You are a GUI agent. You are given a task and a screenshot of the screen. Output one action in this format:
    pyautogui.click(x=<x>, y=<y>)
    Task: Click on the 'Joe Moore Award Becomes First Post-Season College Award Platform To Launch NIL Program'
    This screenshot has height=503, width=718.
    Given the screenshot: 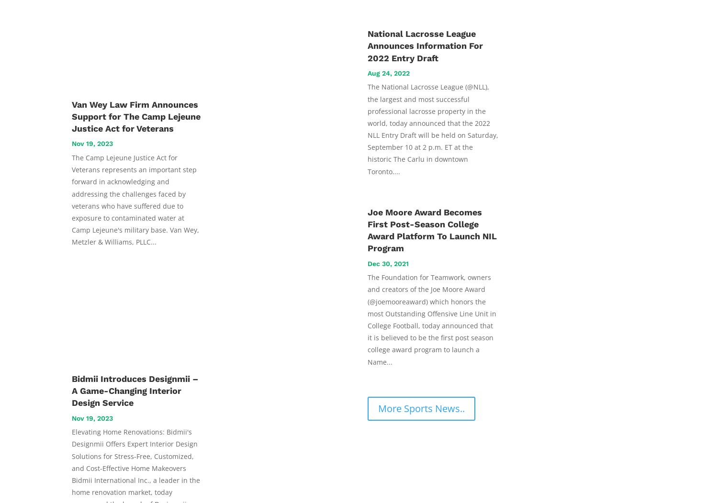 What is the action you would take?
    pyautogui.click(x=432, y=229)
    